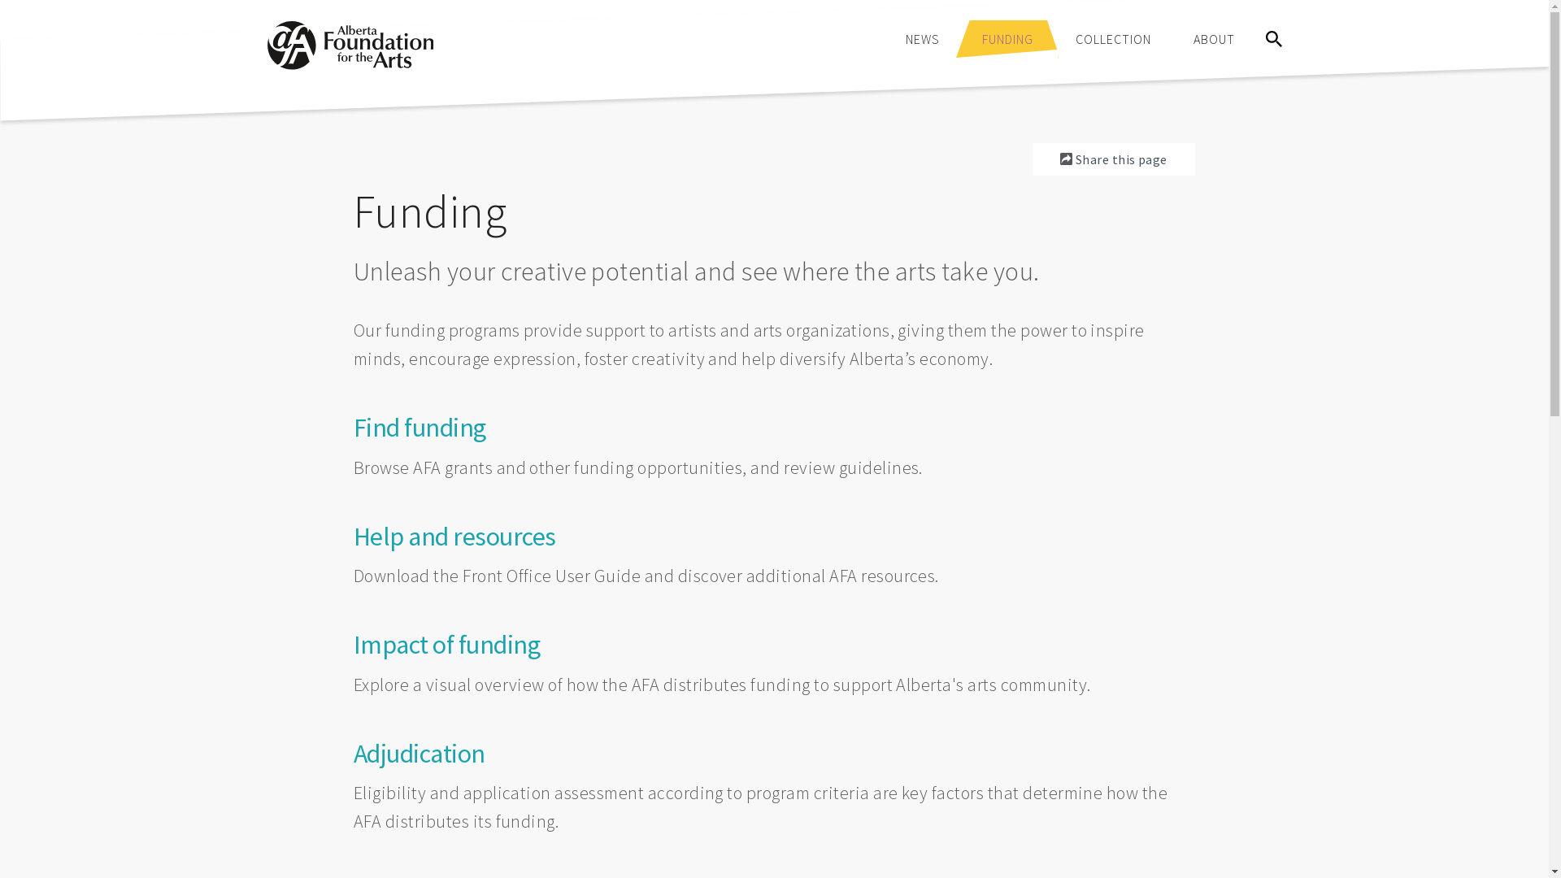  Describe the element at coordinates (922, 37) in the screenshot. I see `'NEWS'` at that location.